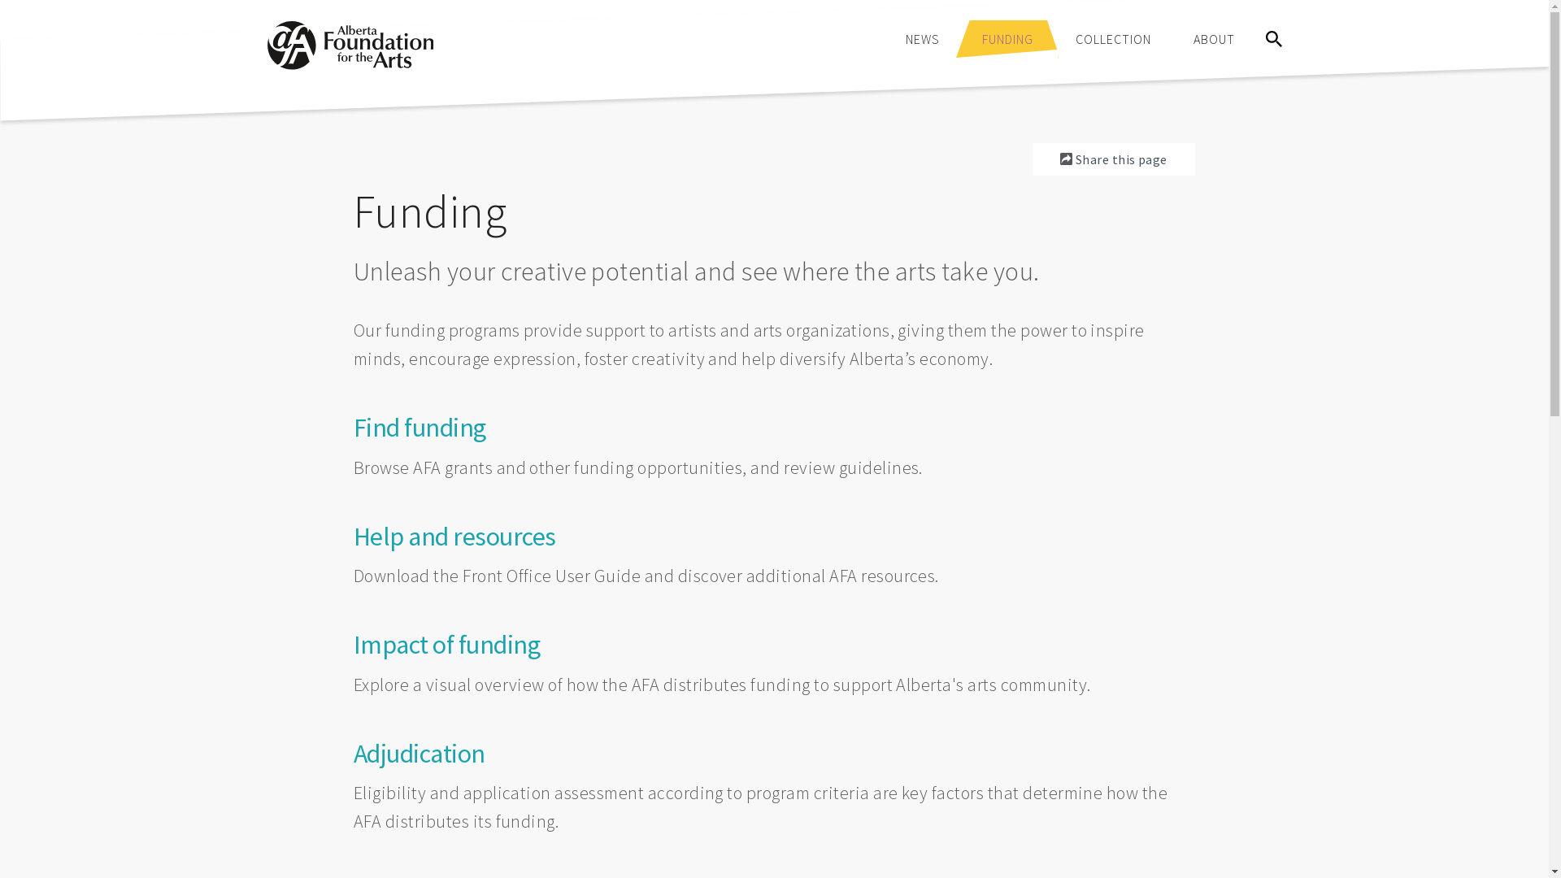  Describe the element at coordinates (922, 37) in the screenshot. I see `'NEWS'` at that location.